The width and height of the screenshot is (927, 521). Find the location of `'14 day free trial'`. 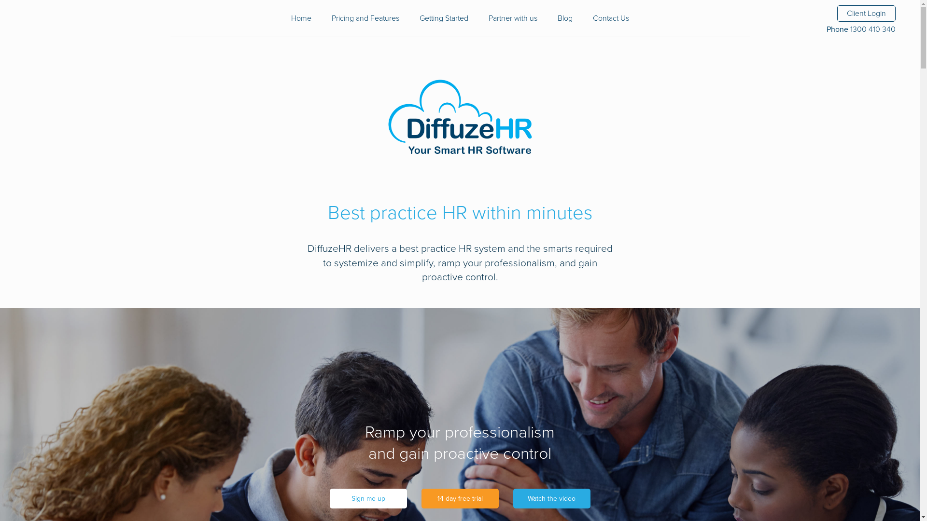

'14 day free trial' is located at coordinates (459, 498).